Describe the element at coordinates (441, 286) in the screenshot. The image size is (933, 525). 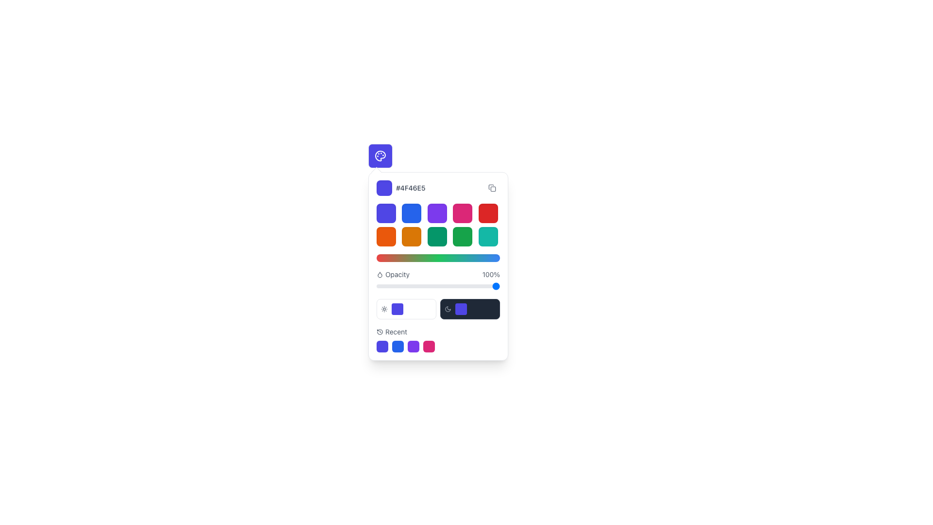
I see `the opacity slider` at that location.